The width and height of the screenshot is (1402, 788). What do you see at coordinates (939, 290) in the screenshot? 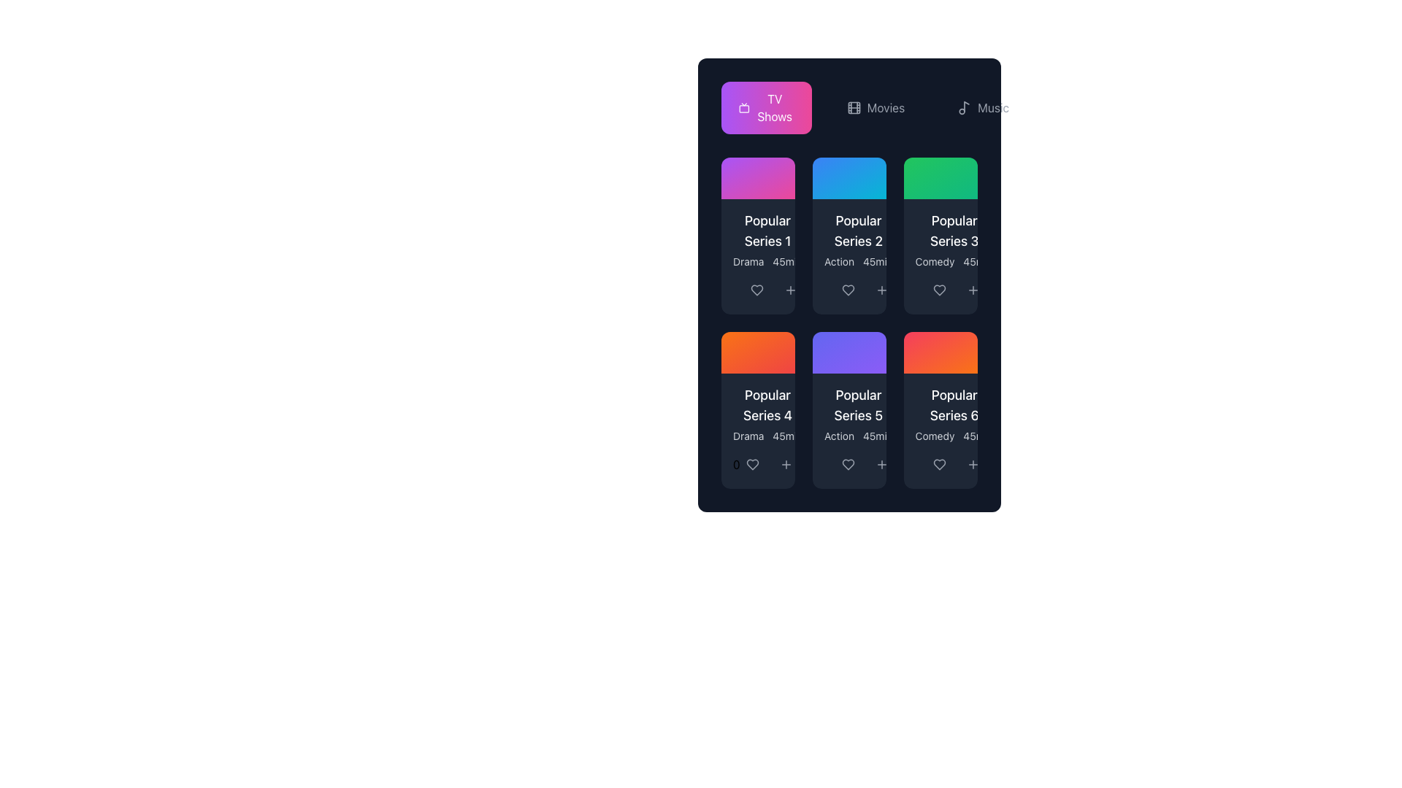
I see `the heart-shaped icon used as a 'like' button for the 'Popular Series 3' under the 'Comedy' category` at bounding box center [939, 290].